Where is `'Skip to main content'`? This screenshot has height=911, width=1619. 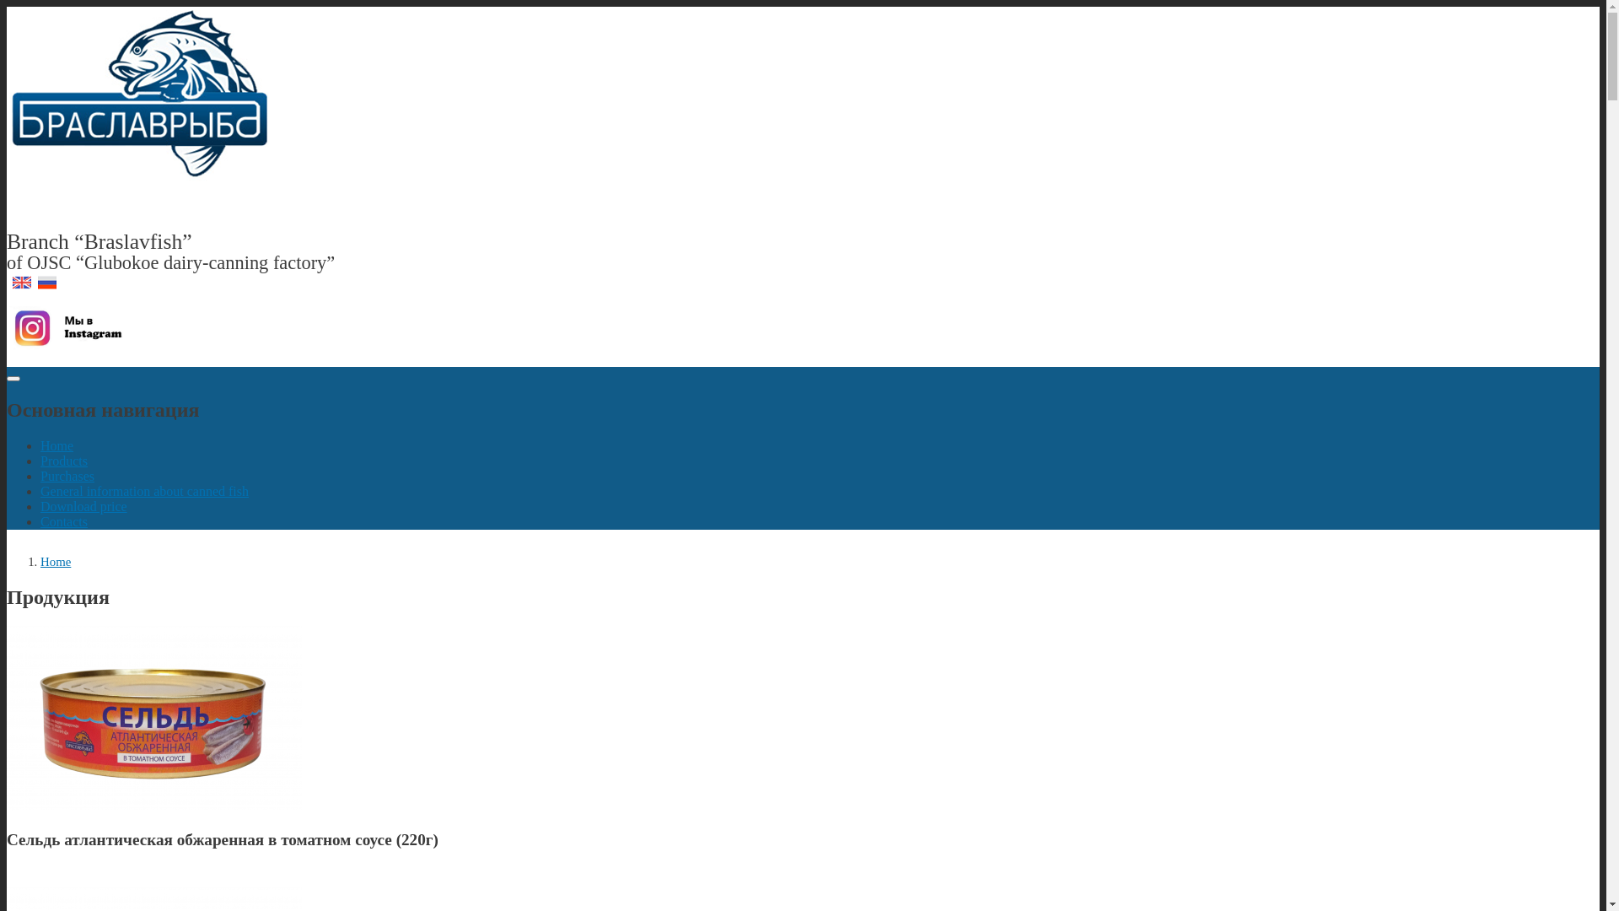 'Skip to main content' is located at coordinates (802, 8).